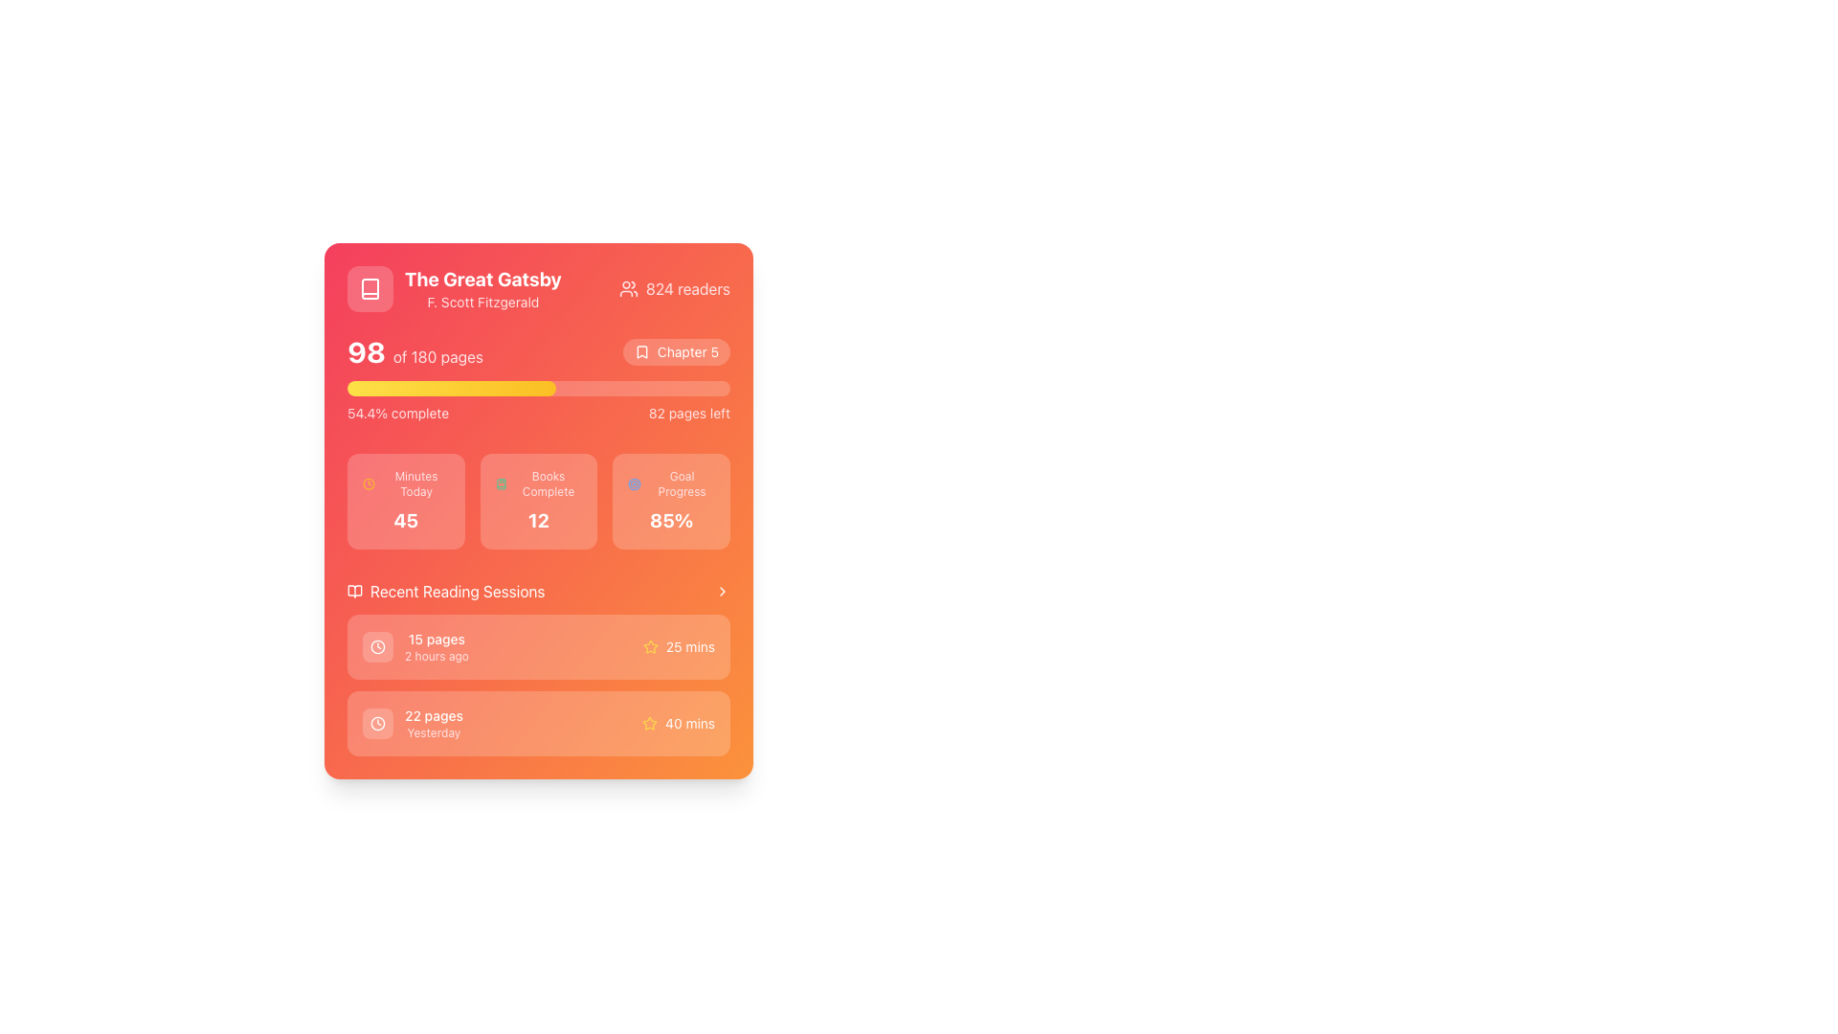  I want to click on text label indicating the elapsed time since the recorded session, positioned below '15 pages' in the 'Recent Reading Sessions' panel, so click(436, 656).